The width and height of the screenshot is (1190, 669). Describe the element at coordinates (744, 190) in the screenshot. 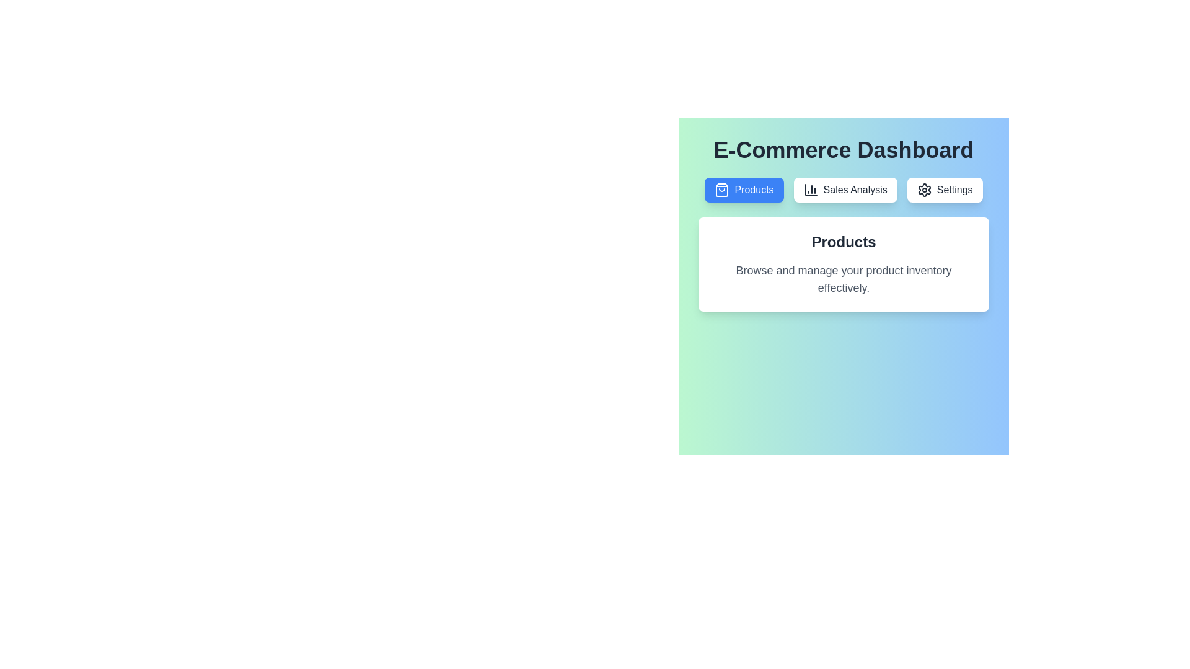

I see `the tab labeled Products to switch to it` at that location.